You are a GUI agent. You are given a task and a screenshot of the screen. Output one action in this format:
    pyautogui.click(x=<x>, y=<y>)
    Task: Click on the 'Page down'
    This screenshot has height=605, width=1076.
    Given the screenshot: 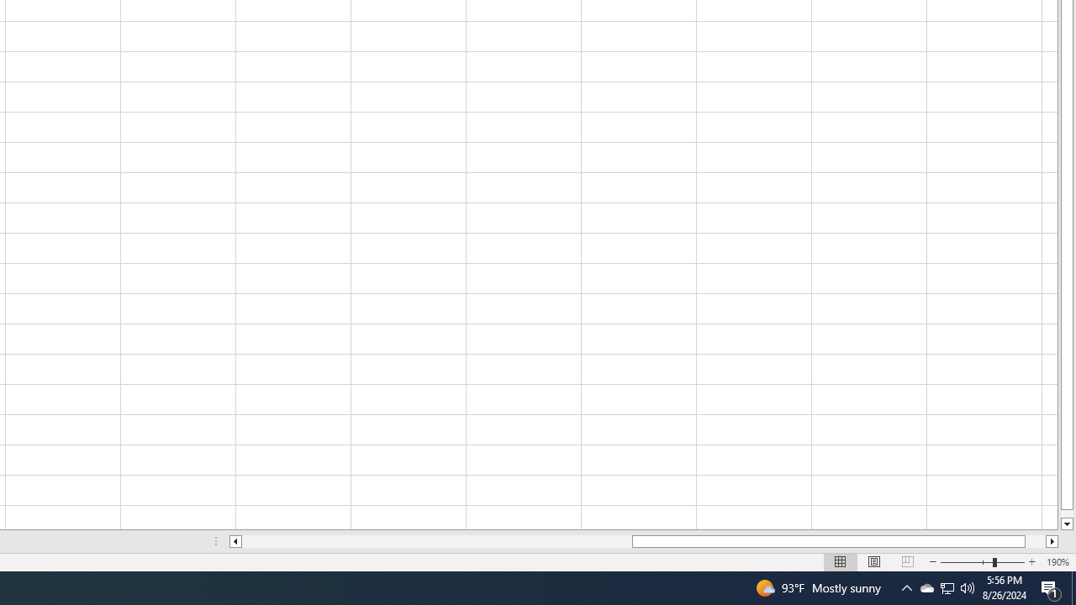 What is the action you would take?
    pyautogui.click(x=1066, y=513)
    